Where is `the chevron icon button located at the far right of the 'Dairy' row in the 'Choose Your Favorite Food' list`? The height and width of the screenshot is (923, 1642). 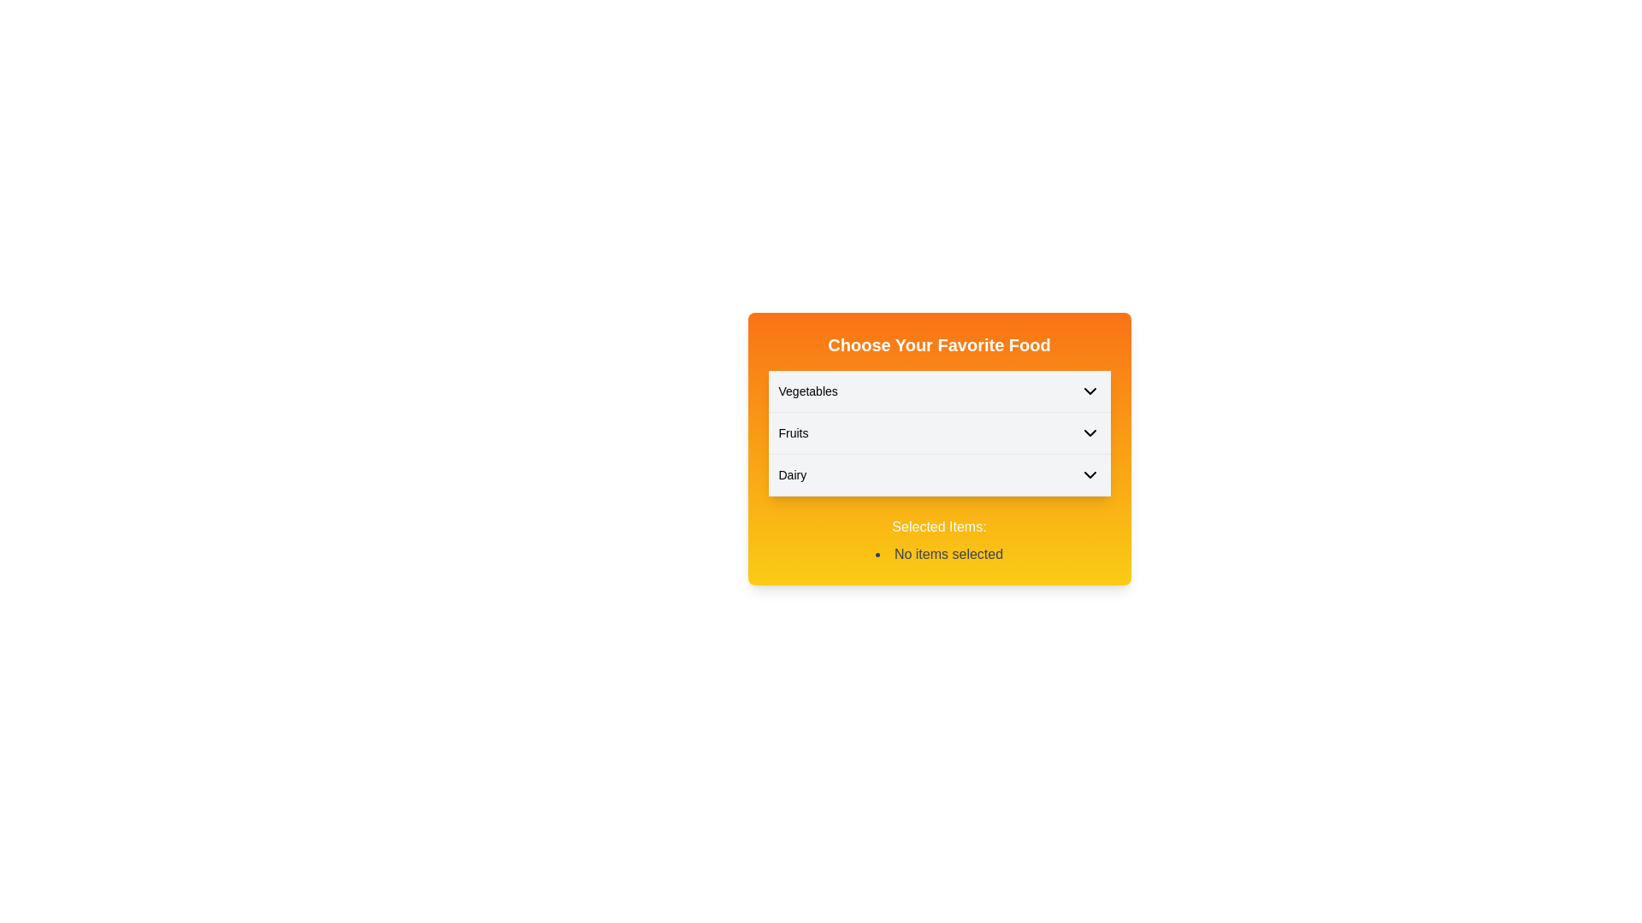 the chevron icon button located at the far right of the 'Dairy' row in the 'Choose Your Favorite Food' list is located at coordinates (1089, 474).